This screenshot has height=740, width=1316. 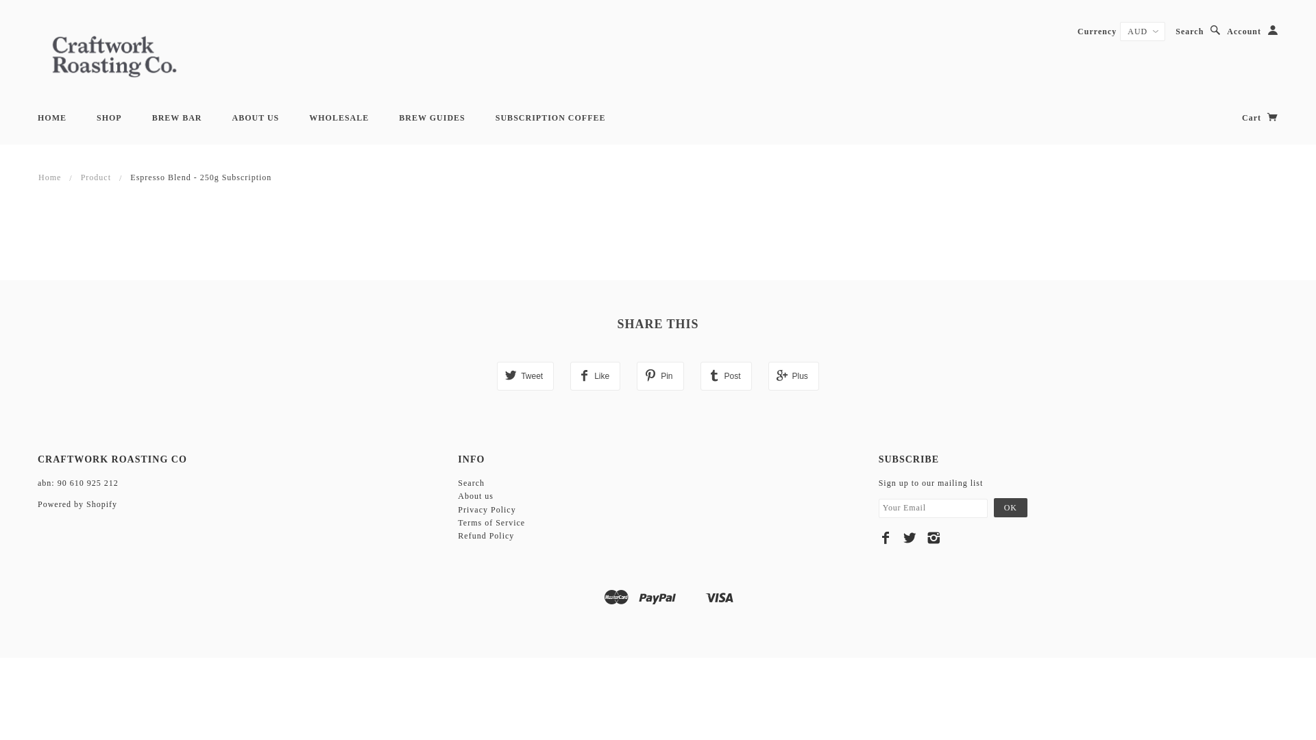 What do you see at coordinates (255, 117) in the screenshot?
I see `'ABOUT US'` at bounding box center [255, 117].